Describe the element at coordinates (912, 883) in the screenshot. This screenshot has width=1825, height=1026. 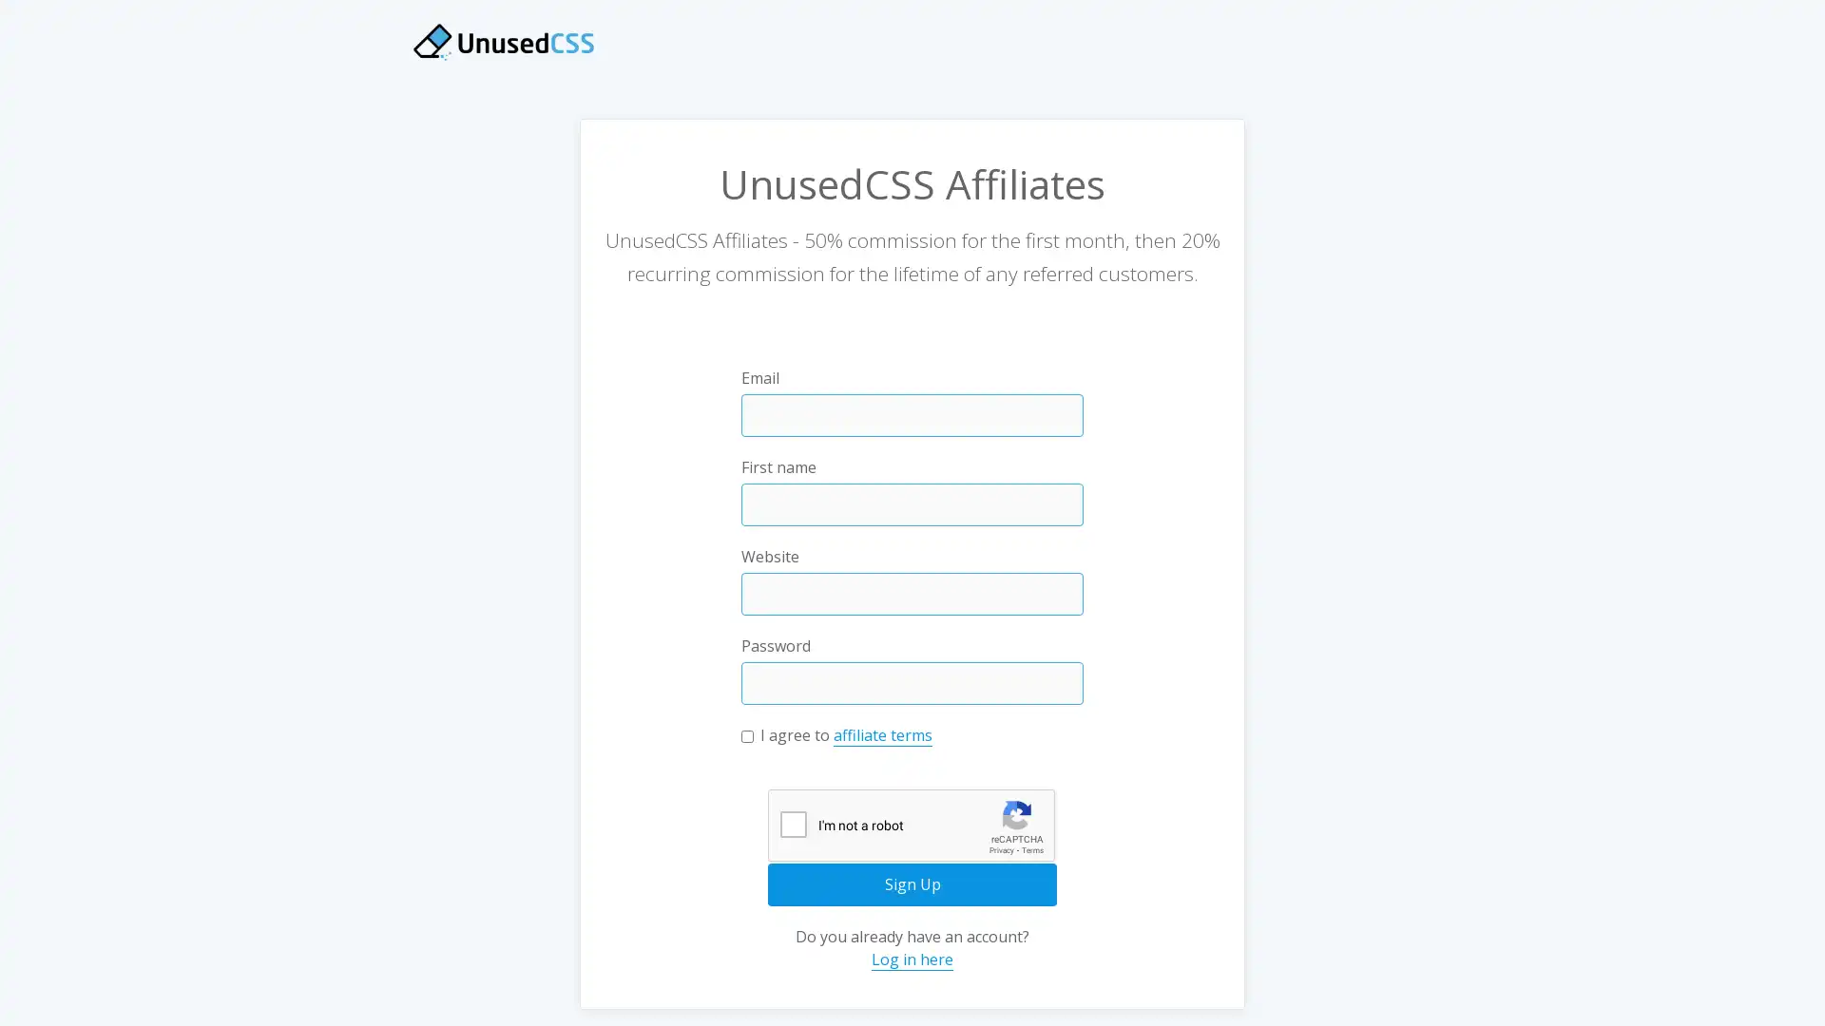
I see `Sign Up` at that location.